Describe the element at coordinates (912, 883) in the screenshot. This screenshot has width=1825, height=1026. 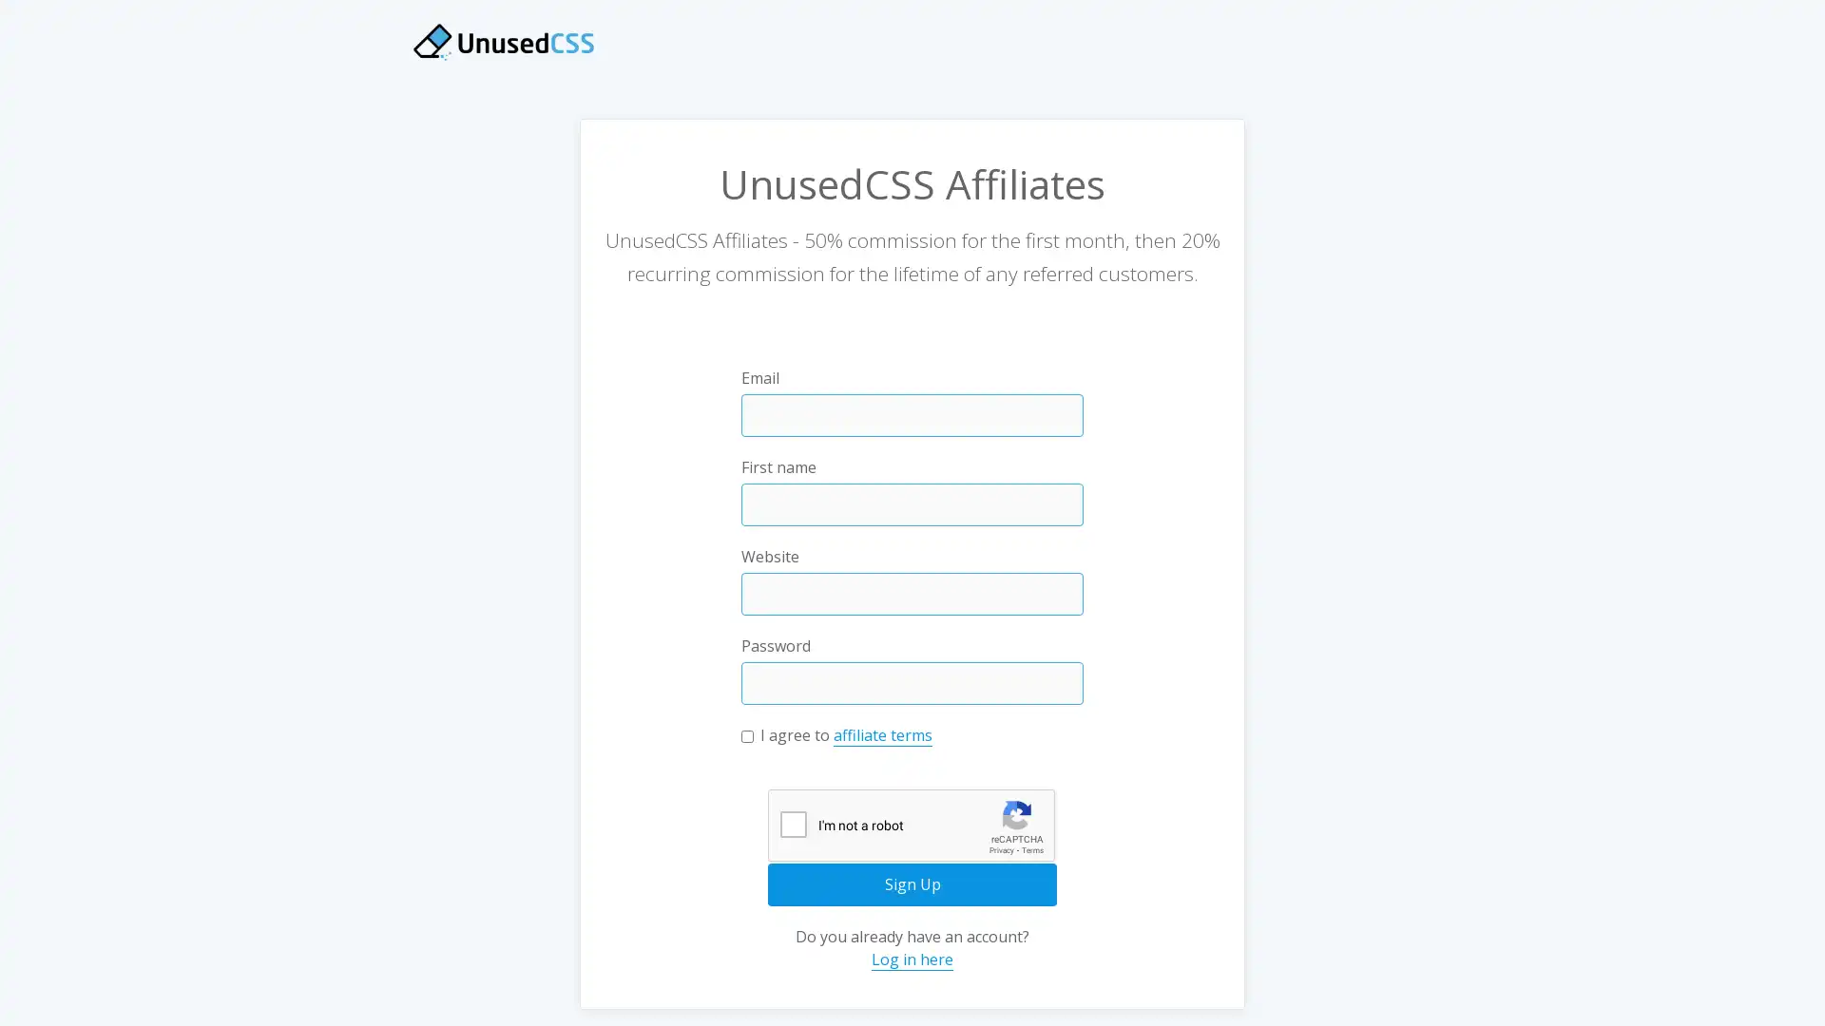
I see `Sign Up` at that location.